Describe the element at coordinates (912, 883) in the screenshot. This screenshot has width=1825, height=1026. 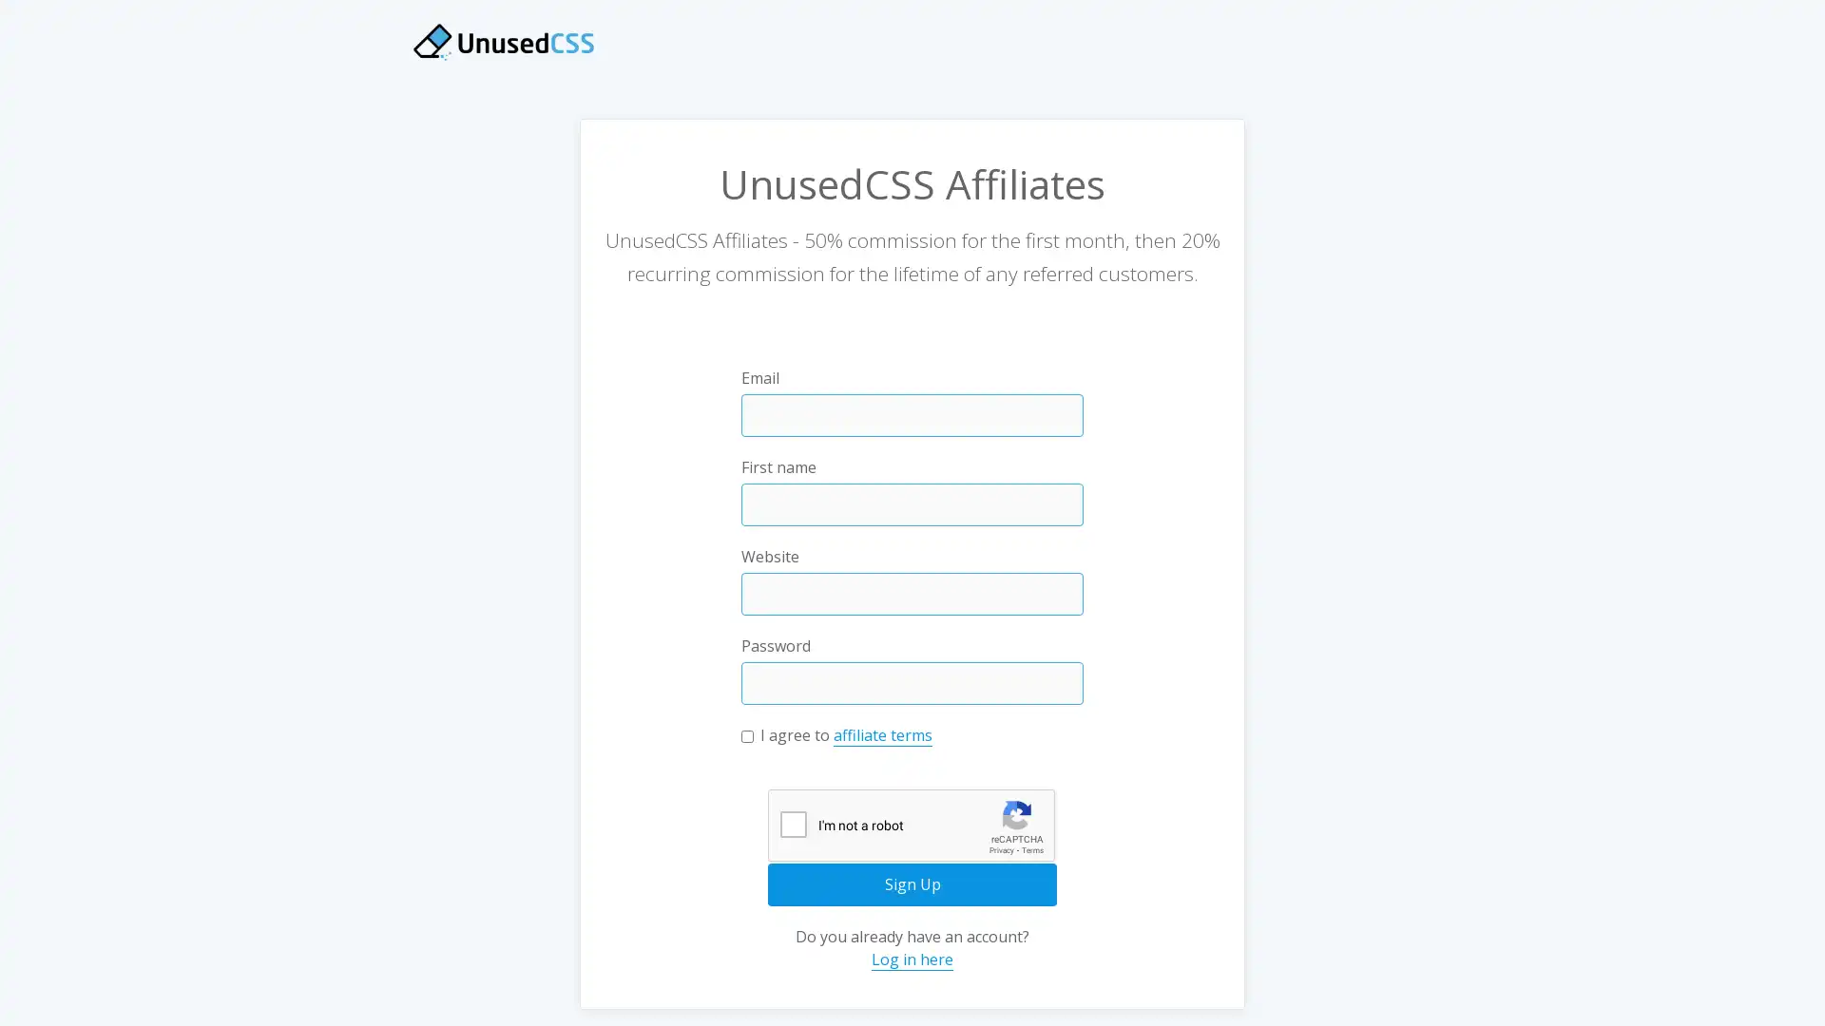
I see `Sign Up` at that location.